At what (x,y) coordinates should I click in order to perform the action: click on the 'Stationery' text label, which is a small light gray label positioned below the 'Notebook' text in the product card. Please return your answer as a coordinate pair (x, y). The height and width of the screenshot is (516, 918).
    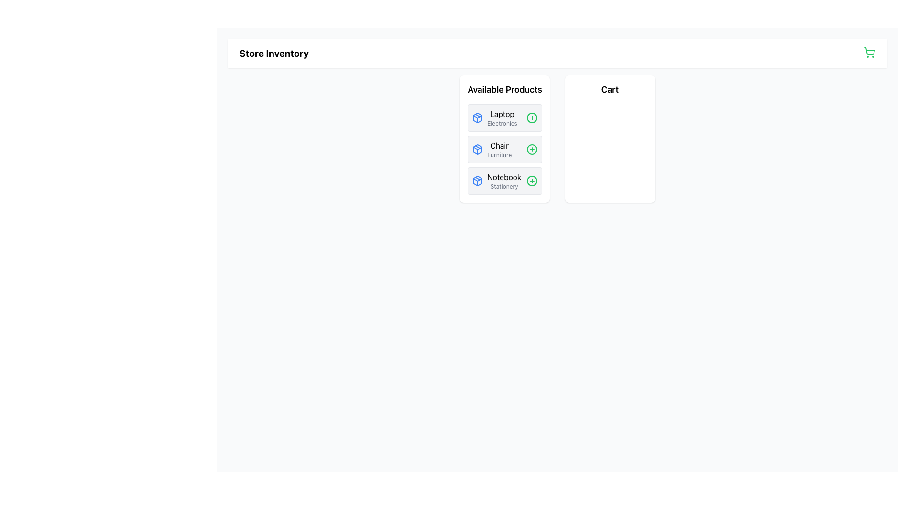
    Looking at the image, I should click on (503, 186).